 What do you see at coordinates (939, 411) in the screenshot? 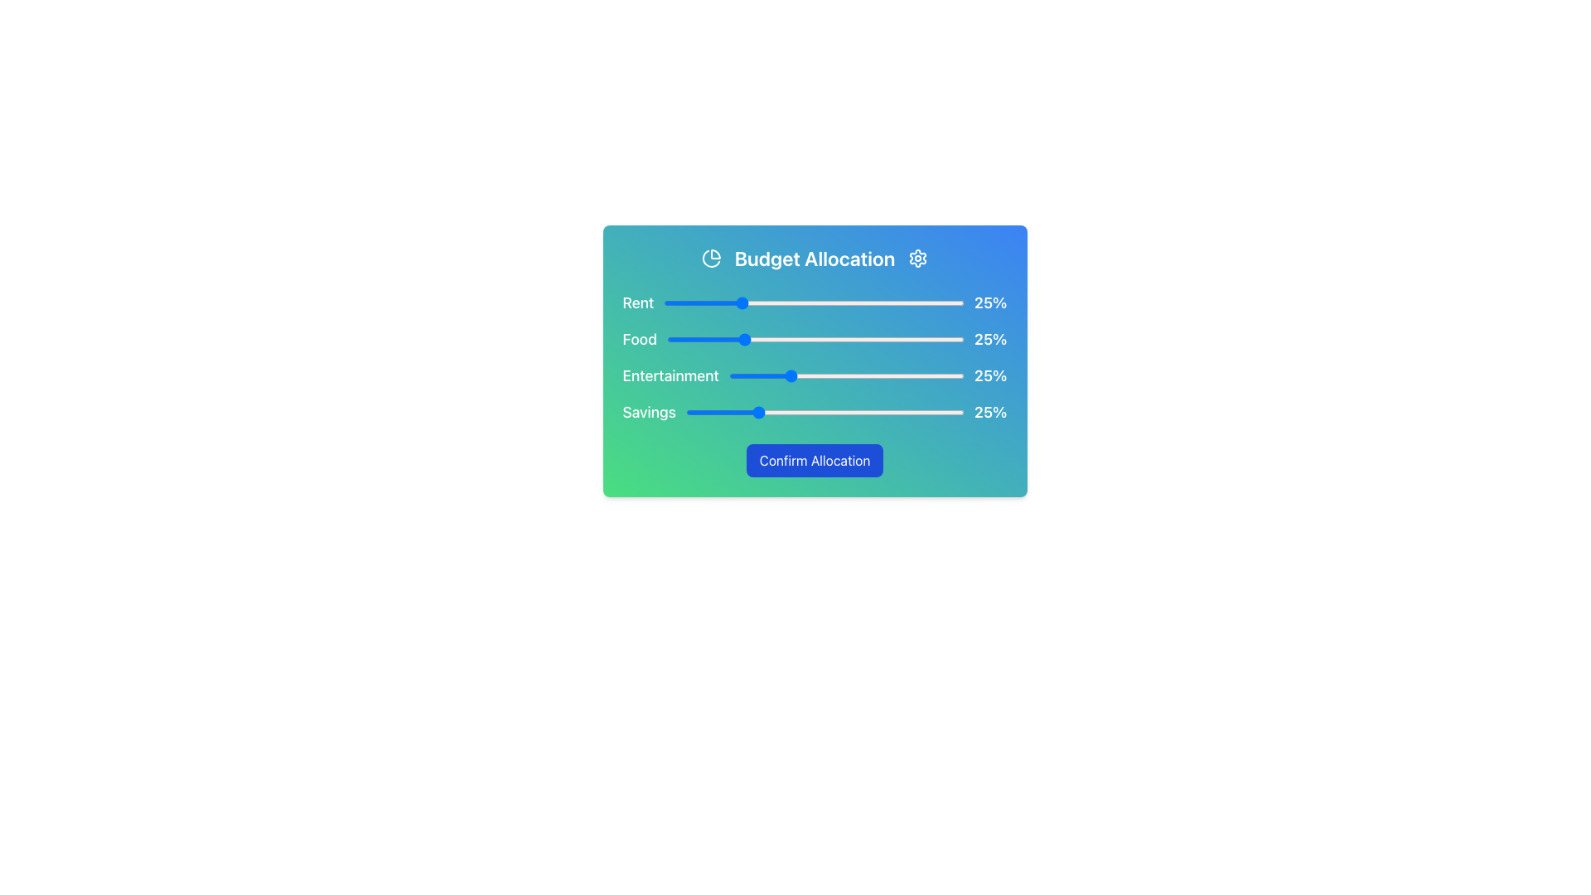
I see `the savings allocation` at bounding box center [939, 411].